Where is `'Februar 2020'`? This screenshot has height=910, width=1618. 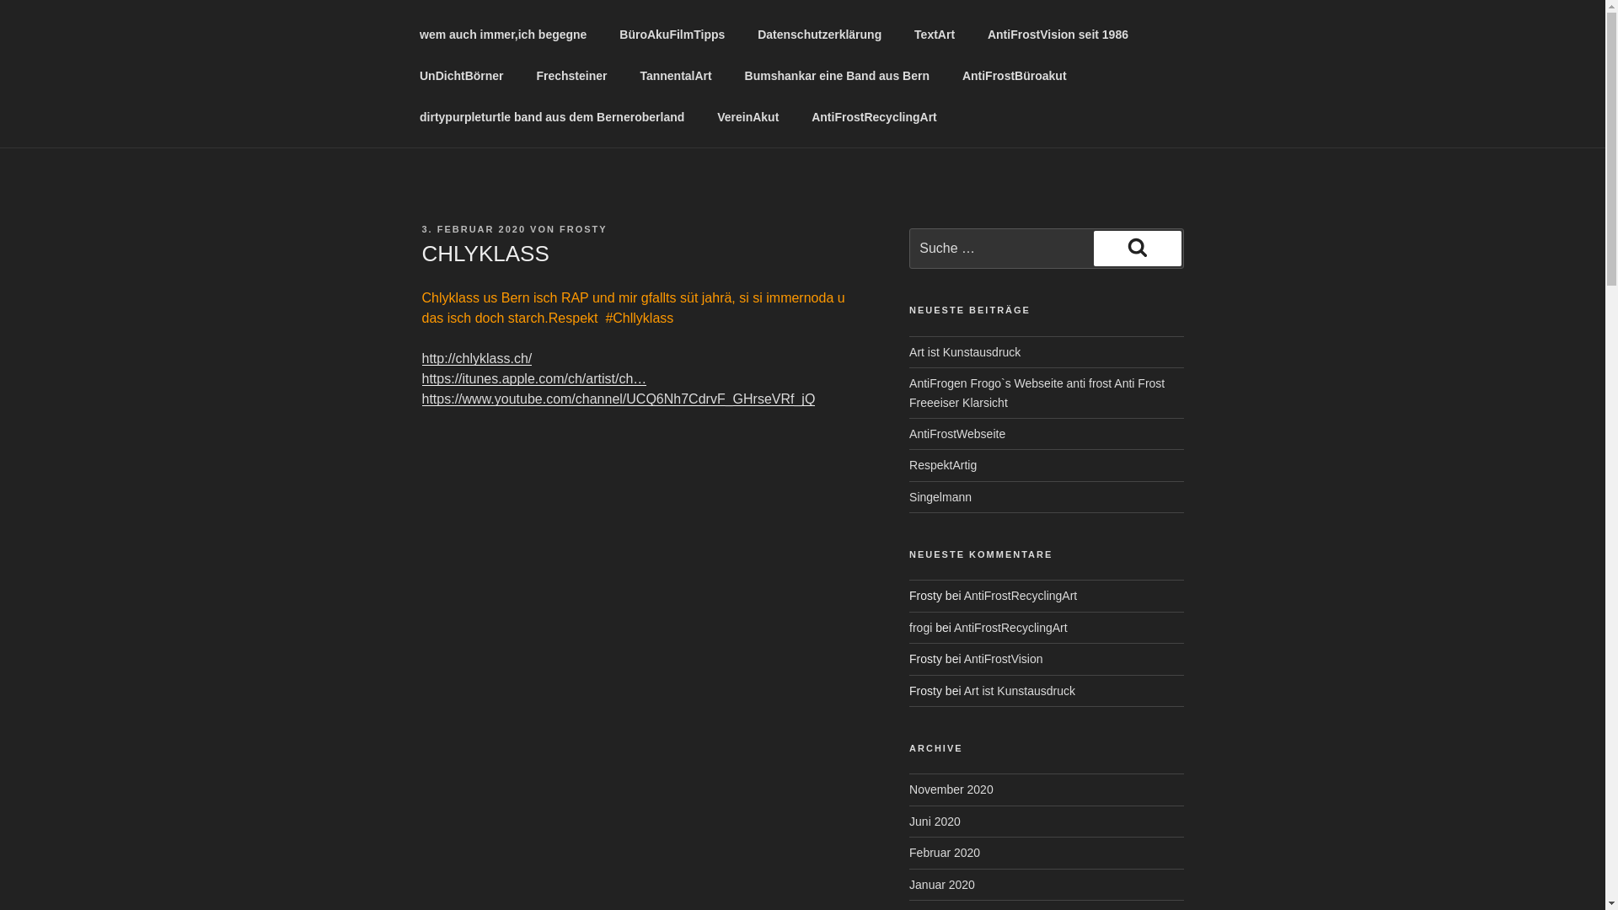
'Februar 2020' is located at coordinates (945, 852).